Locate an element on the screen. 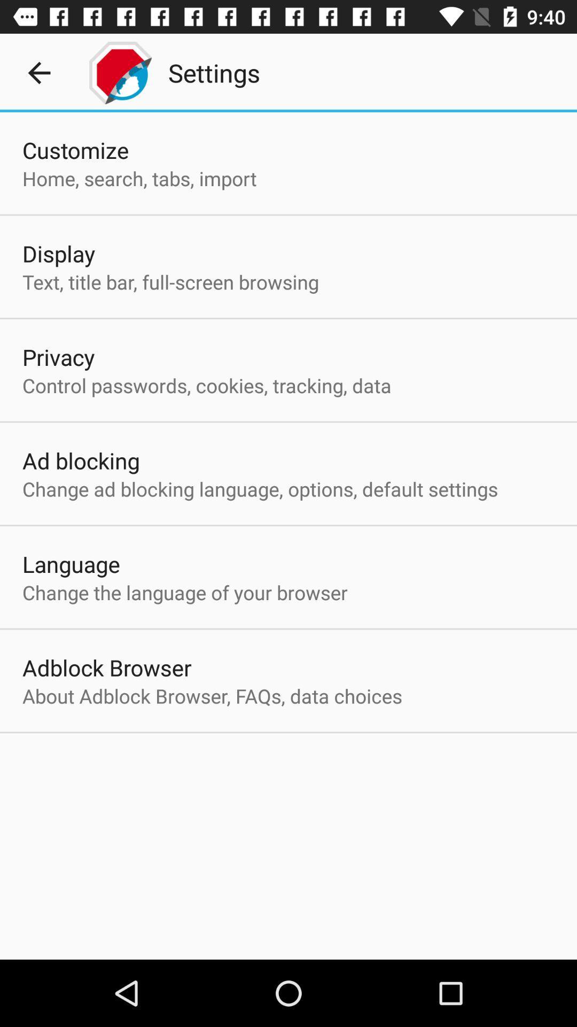  the item above the home search tabs icon is located at coordinates (75, 149).